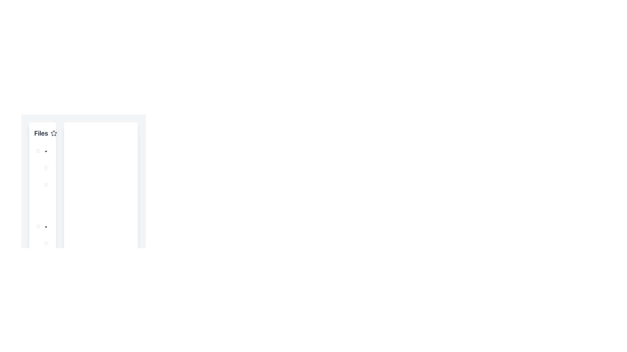 This screenshot has width=627, height=352. What do you see at coordinates (45, 227) in the screenshot?
I see `the downward-pointing caret icon located next to the 'Files' section` at bounding box center [45, 227].